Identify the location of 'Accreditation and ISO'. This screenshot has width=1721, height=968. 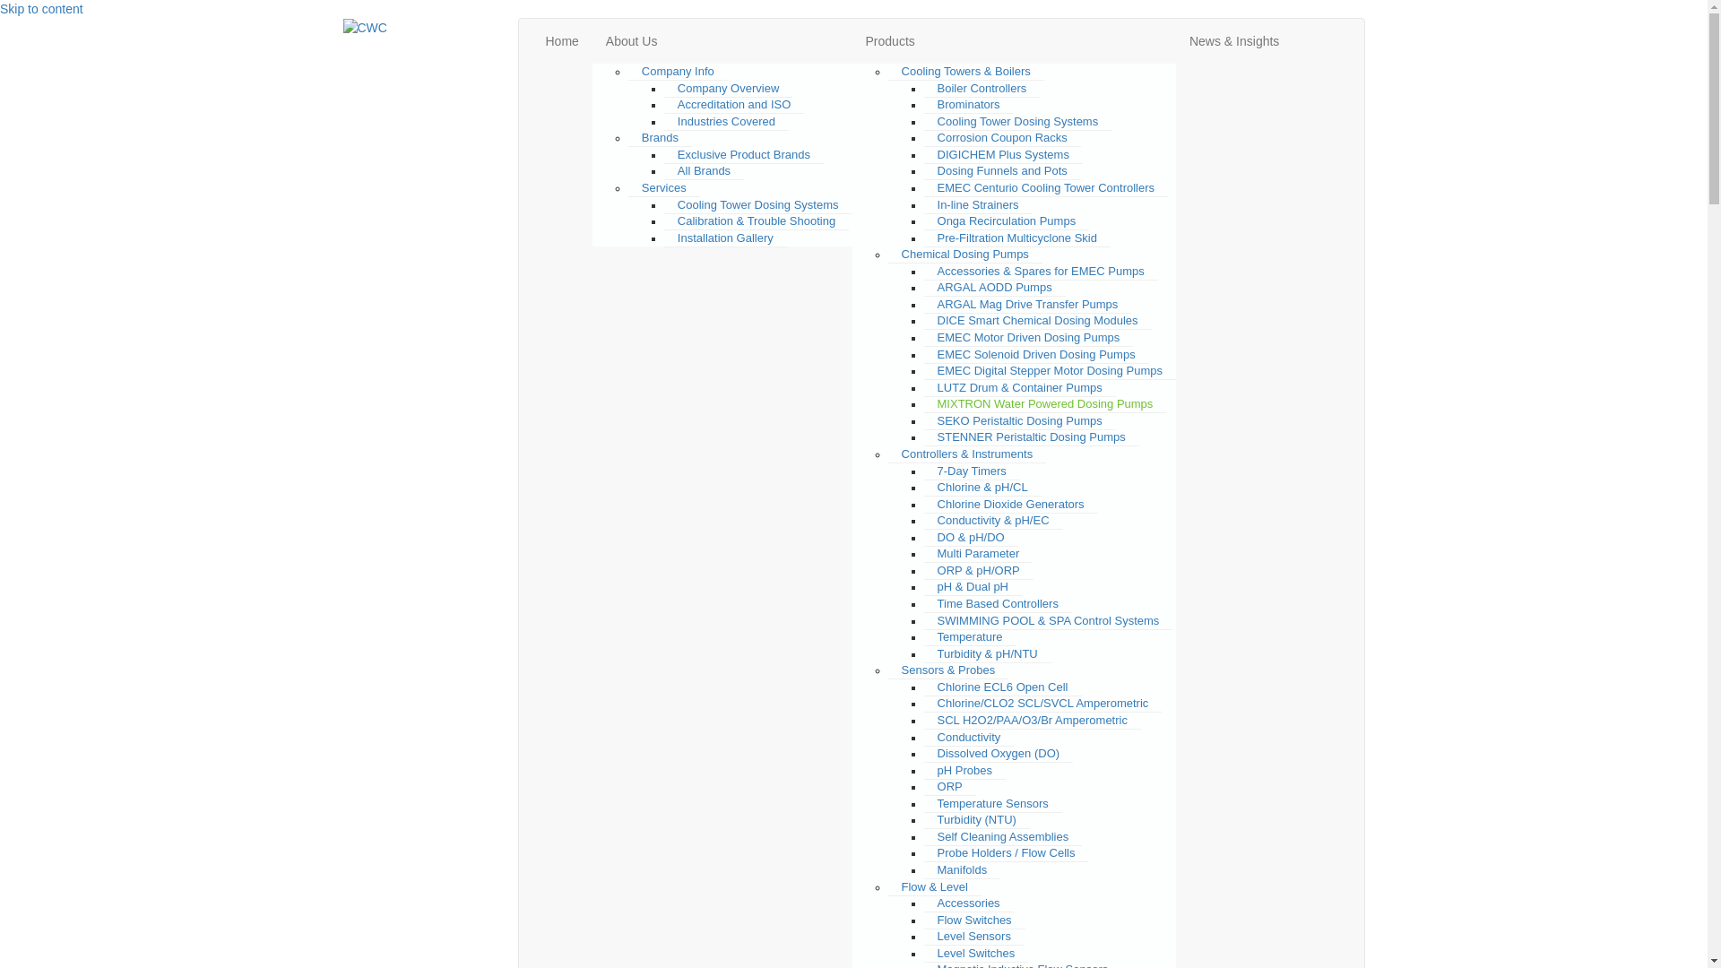
(662, 104).